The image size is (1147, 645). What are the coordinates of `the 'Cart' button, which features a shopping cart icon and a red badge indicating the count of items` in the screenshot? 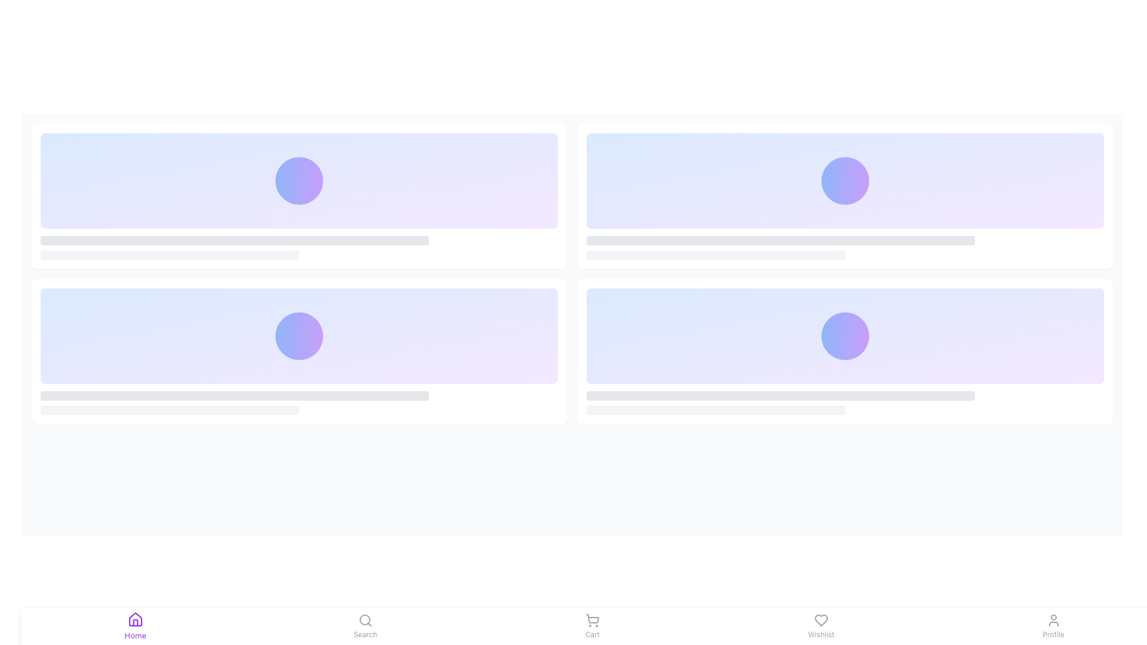 It's located at (592, 625).